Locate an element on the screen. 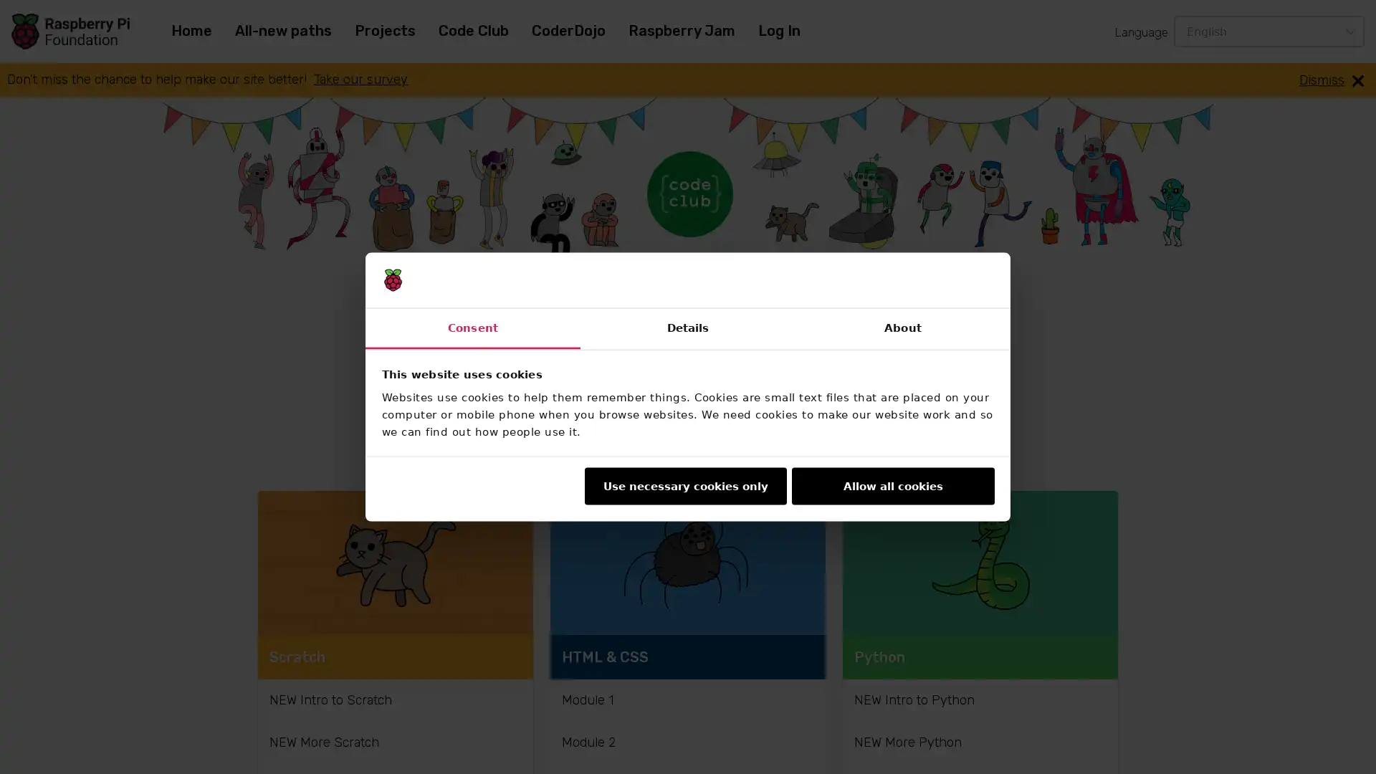 The width and height of the screenshot is (1376, 774). Dismiss is located at coordinates (1331, 80).